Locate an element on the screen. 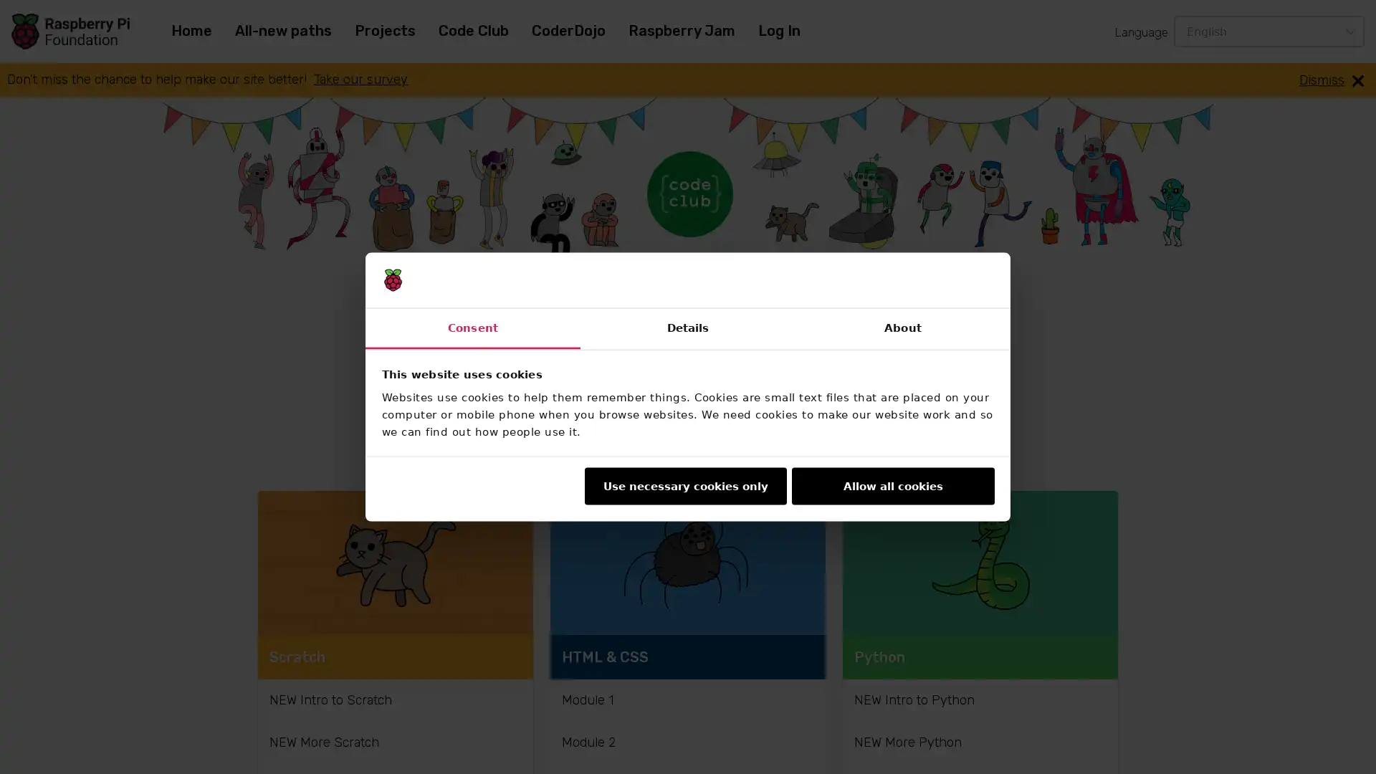 The width and height of the screenshot is (1376, 774). Dismiss is located at coordinates (1331, 80).